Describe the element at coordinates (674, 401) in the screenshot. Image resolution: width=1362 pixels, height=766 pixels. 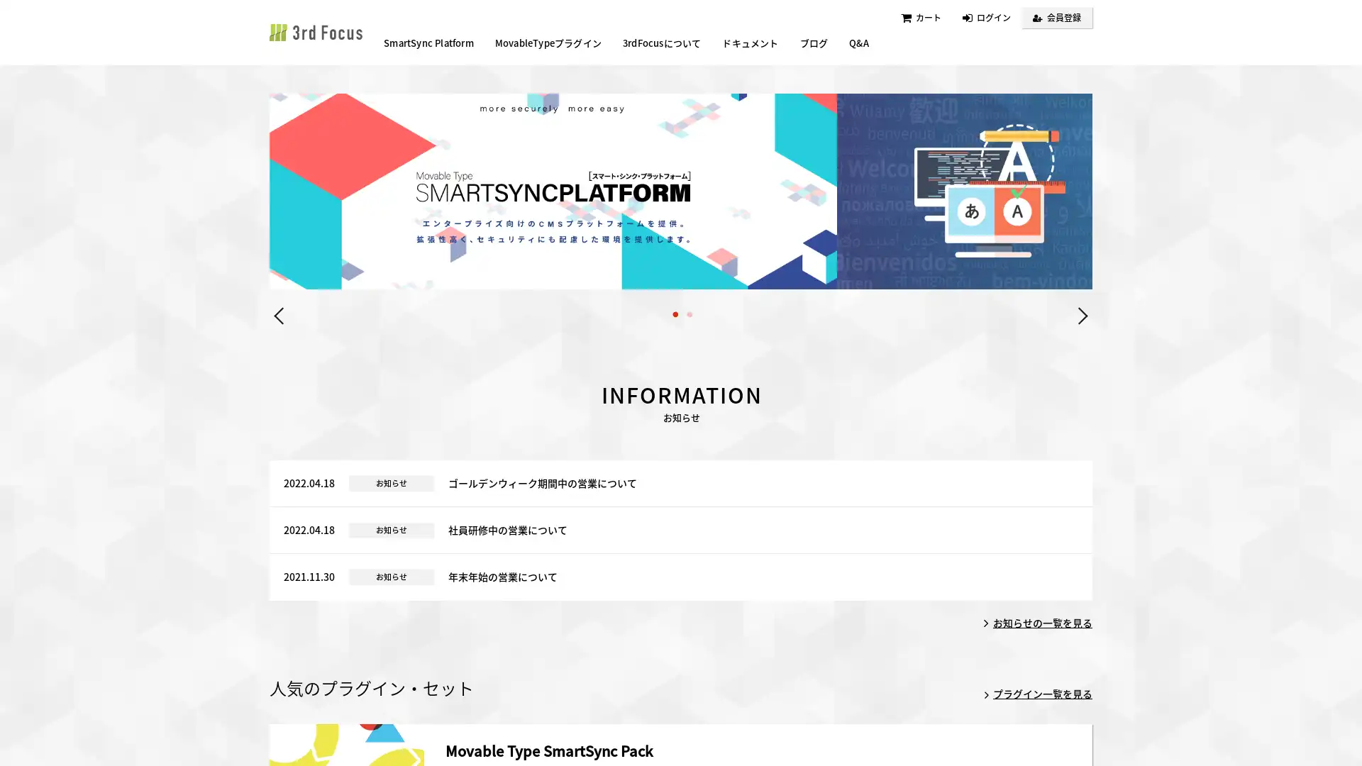
I see `1` at that location.